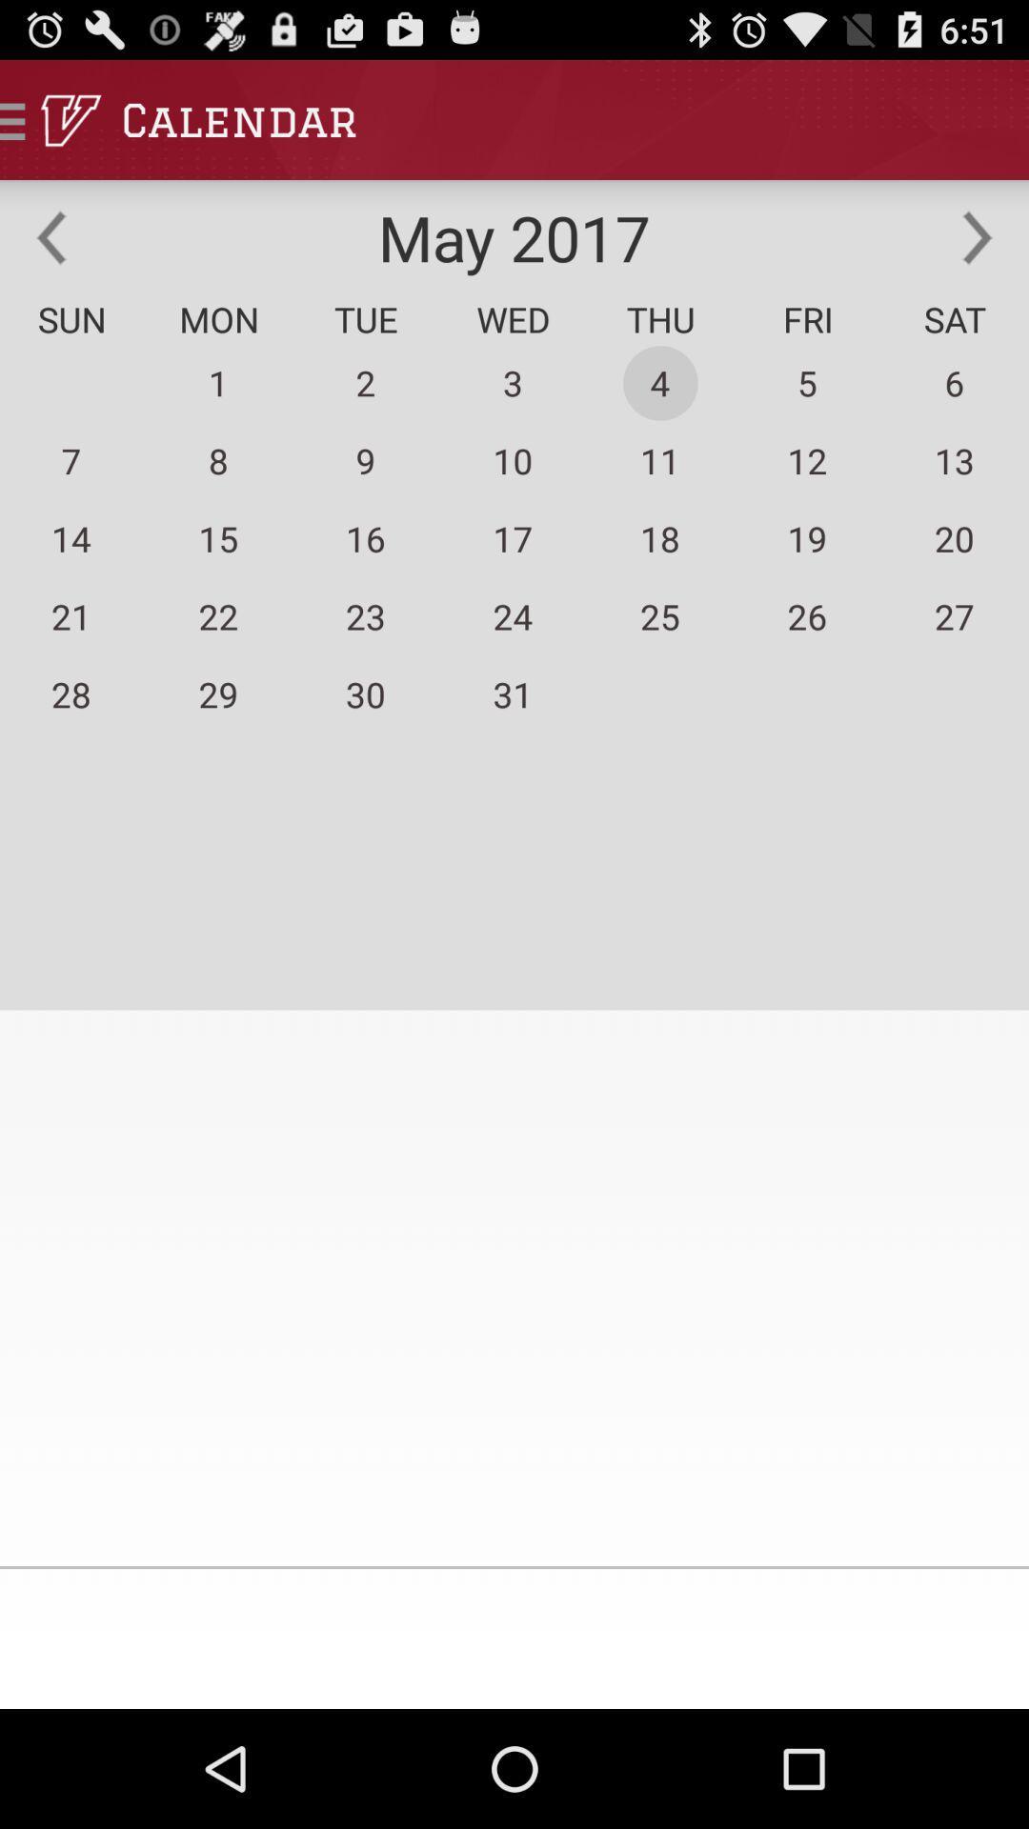  I want to click on the item above sun, so click(50, 236).